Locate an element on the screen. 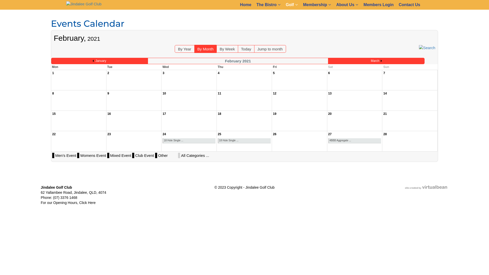 The image size is (489, 275). 'Womens Event' is located at coordinates (80, 155).